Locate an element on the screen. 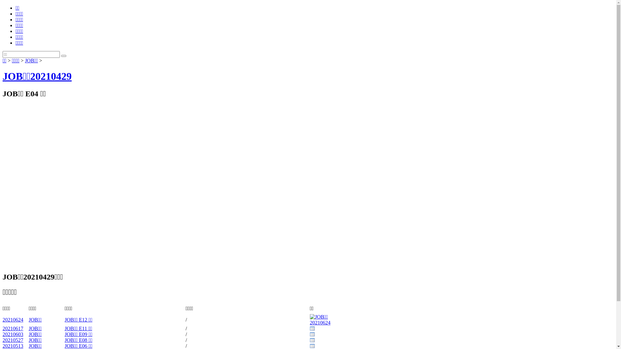 This screenshot has width=621, height=349. '20210624' is located at coordinates (13, 319).